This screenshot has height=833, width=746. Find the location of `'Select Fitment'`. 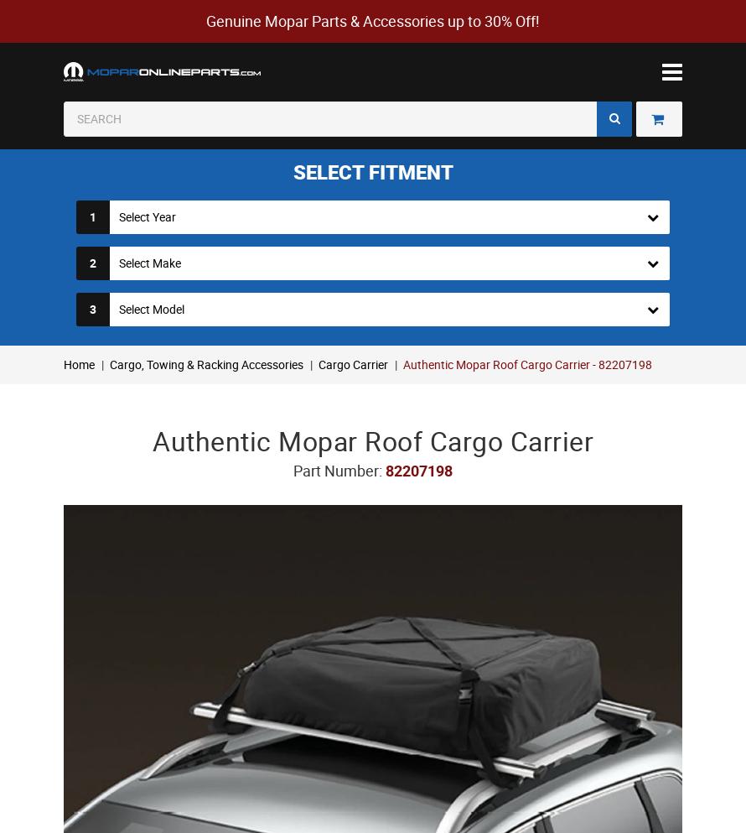

'Select Fitment' is located at coordinates (371, 170).